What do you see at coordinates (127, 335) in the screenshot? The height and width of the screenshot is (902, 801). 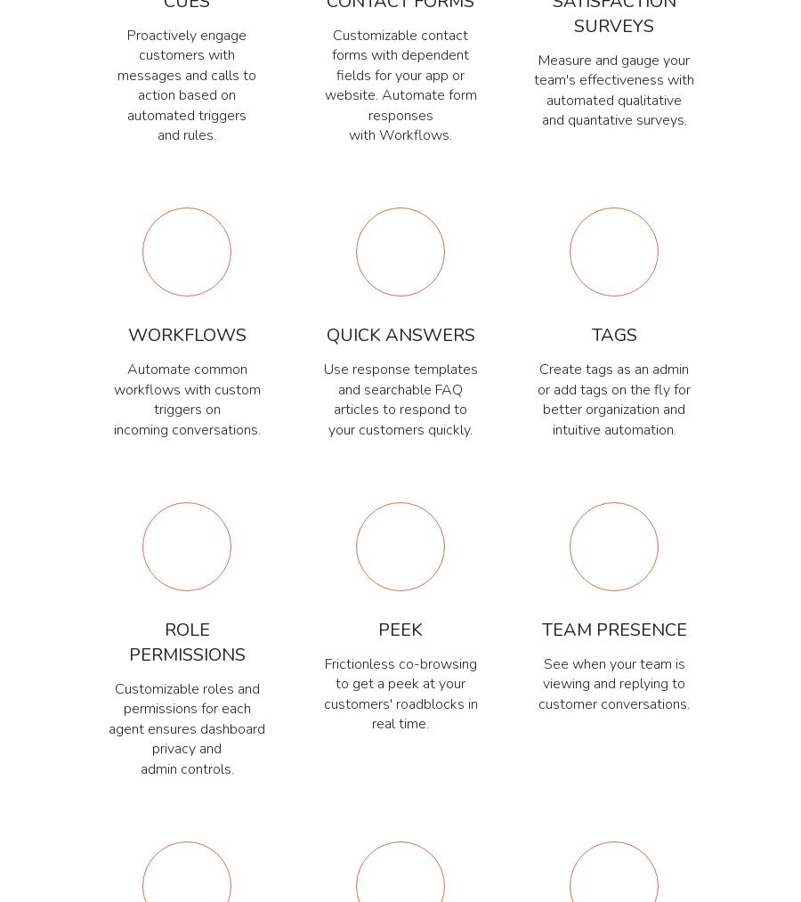 I see `'Workflows'` at bounding box center [127, 335].